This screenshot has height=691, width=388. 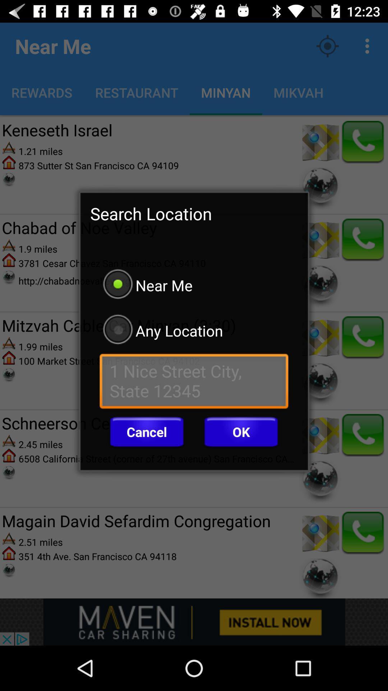 What do you see at coordinates (194, 330) in the screenshot?
I see `the any location` at bounding box center [194, 330].